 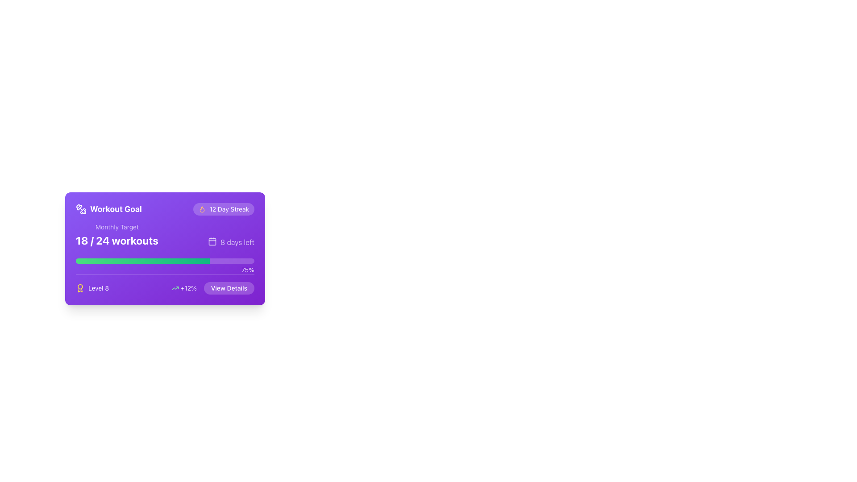 What do you see at coordinates (212, 241) in the screenshot?
I see `the calendar icon element located in the top-right section of the workout goal summary card, which is identifiable by its white coloring and rounded square shape with two vertical lines on top` at bounding box center [212, 241].